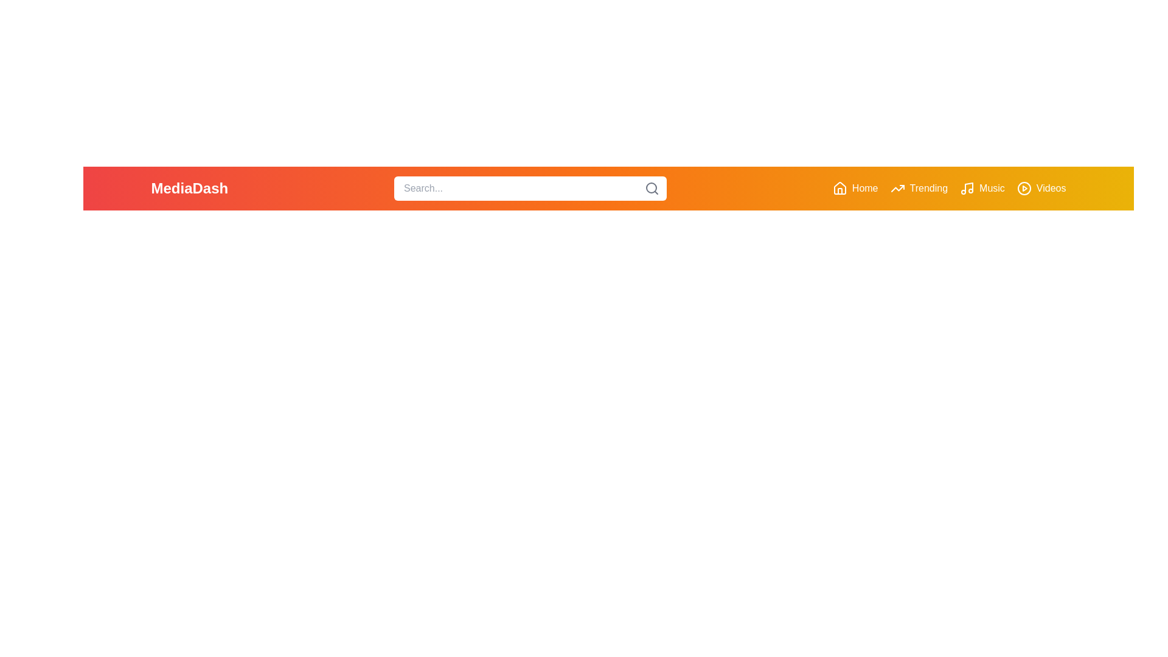 This screenshot has width=1168, height=657. I want to click on the interactive element Videos Button, so click(1041, 188).